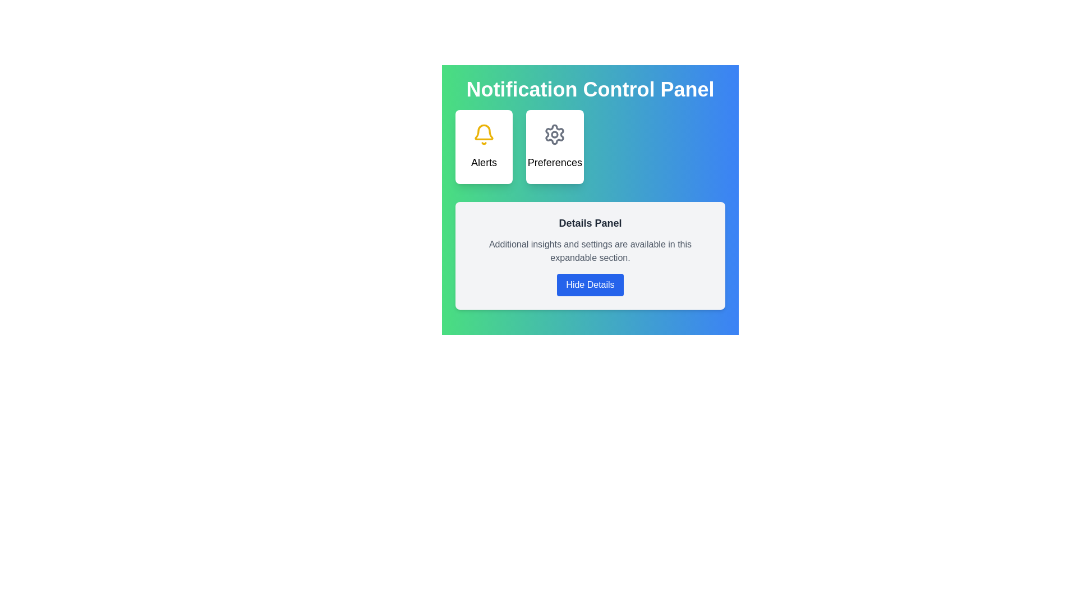 The image size is (1077, 606). What do you see at coordinates (484, 131) in the screenshot?
I see `the yellow-orange bell-shaped icon located in the top left of the interface within the 'Alerts' box` at bounding box center [484, 131].